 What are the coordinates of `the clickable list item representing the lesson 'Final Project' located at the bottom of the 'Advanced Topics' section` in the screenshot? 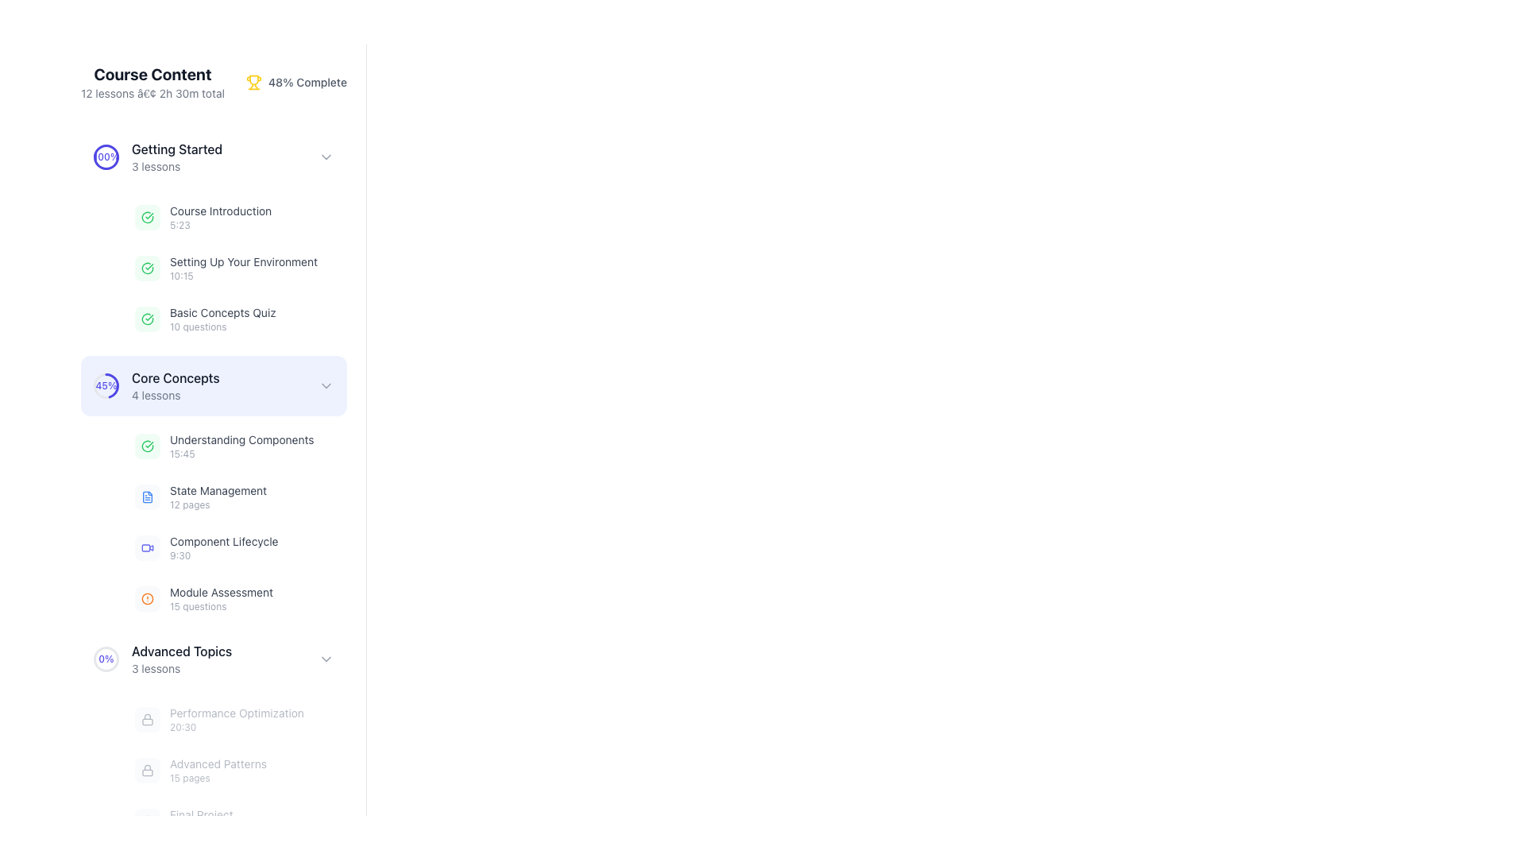 It's located at (235, 821).